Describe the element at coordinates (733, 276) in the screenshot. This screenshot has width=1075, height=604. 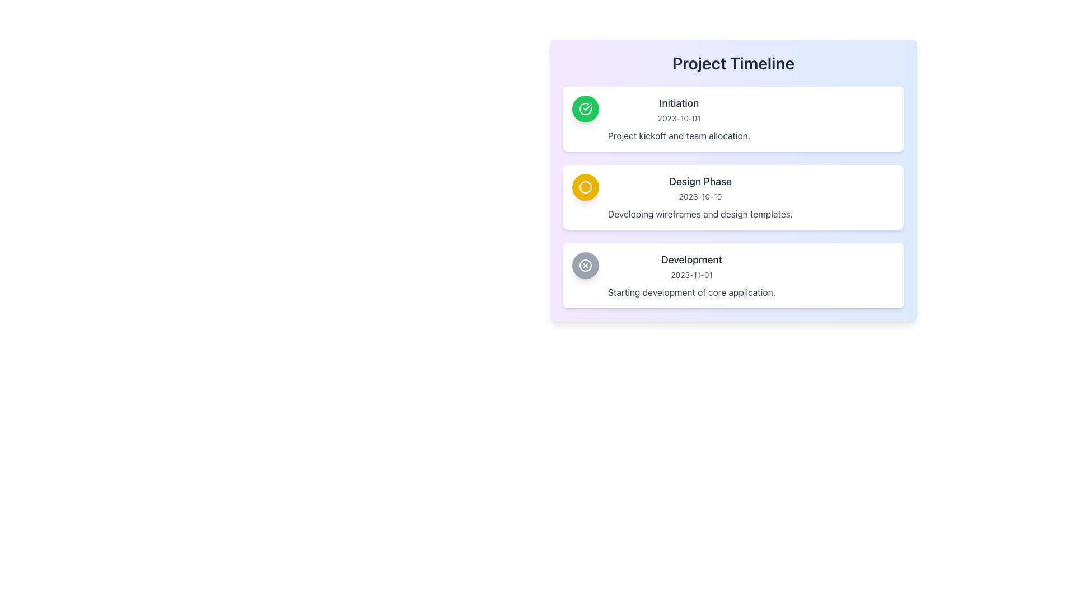
I see `to select the 'Development' phase informational card, which is the third card in the project timeline group` at that location.